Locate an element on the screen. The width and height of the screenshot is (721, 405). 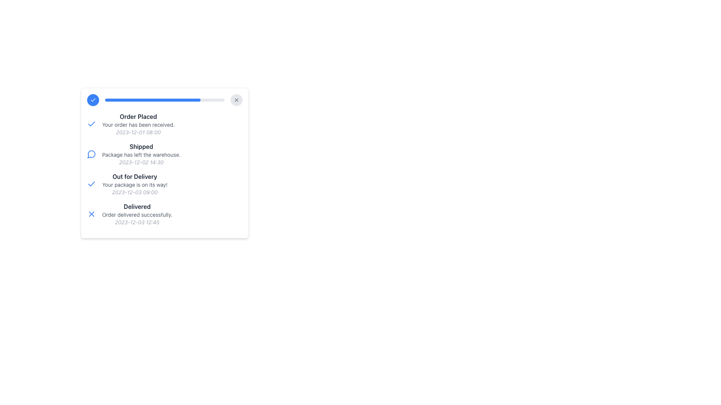
the text label displaying the timestamp '2023-12-03 12:45', which is styled in gray and italicized, located at the bottom of the status card is located at coordinates (137, 222).